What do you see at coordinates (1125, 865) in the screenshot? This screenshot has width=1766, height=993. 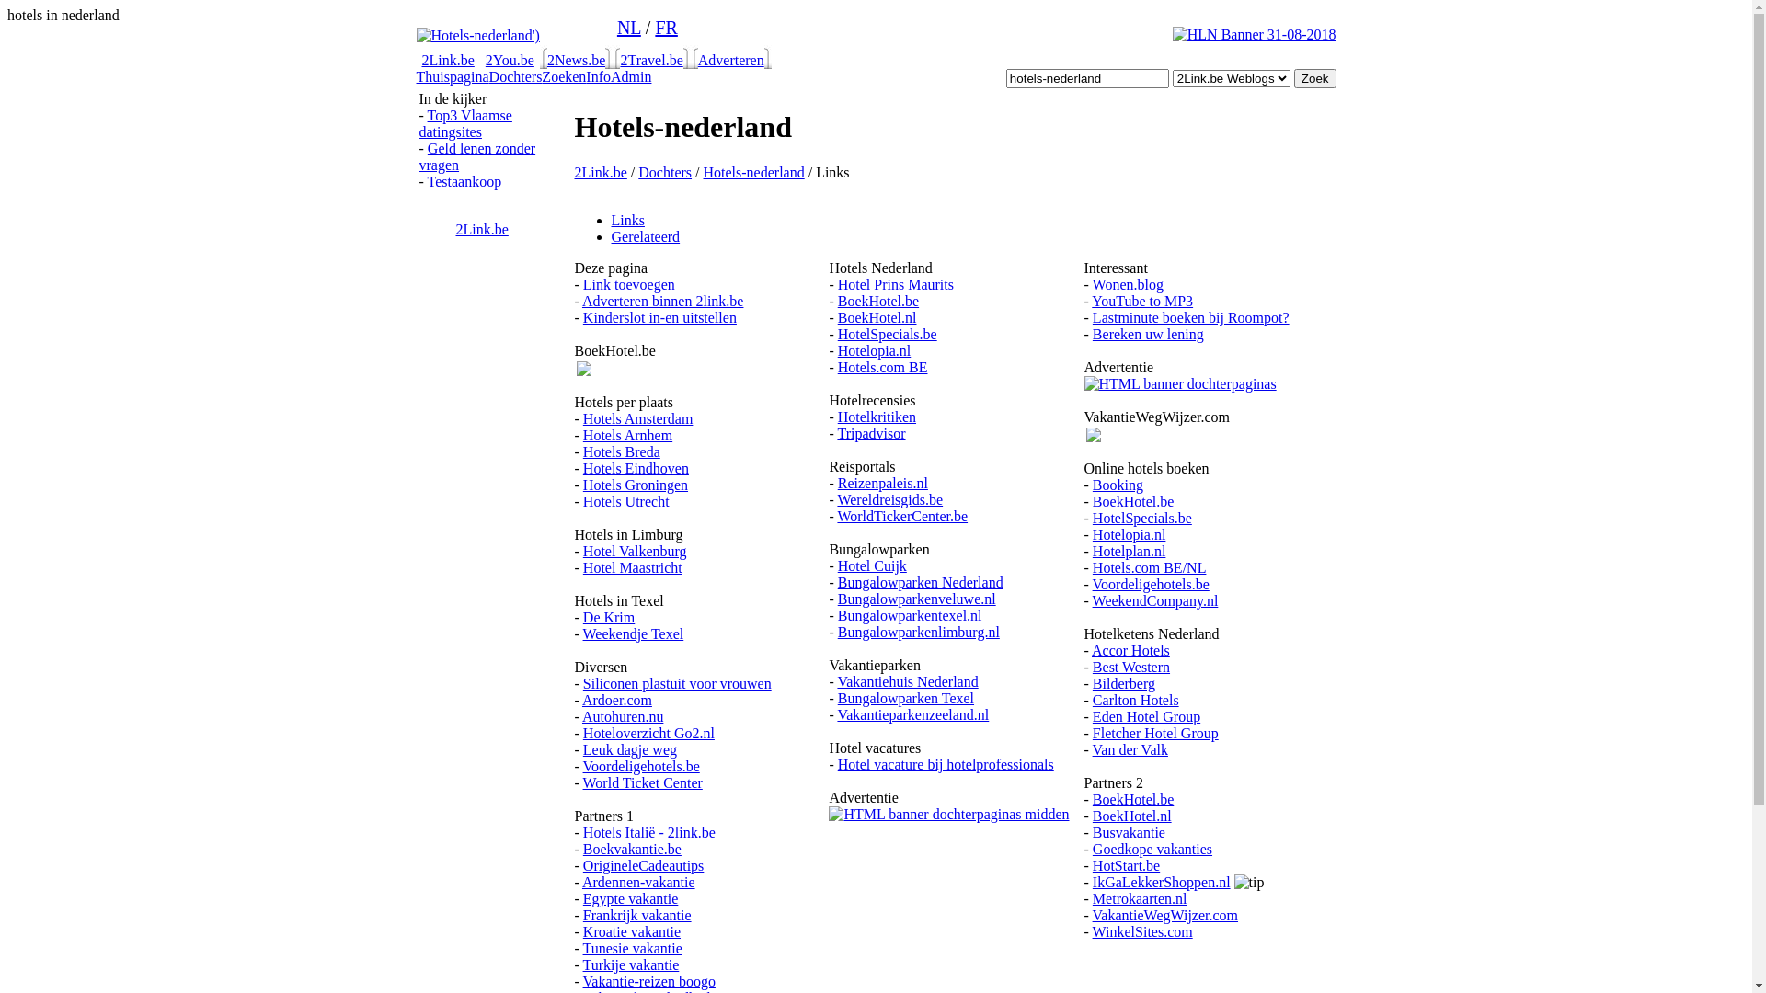 I see `'HotStart.be'` at bounding box center [1125, 865].